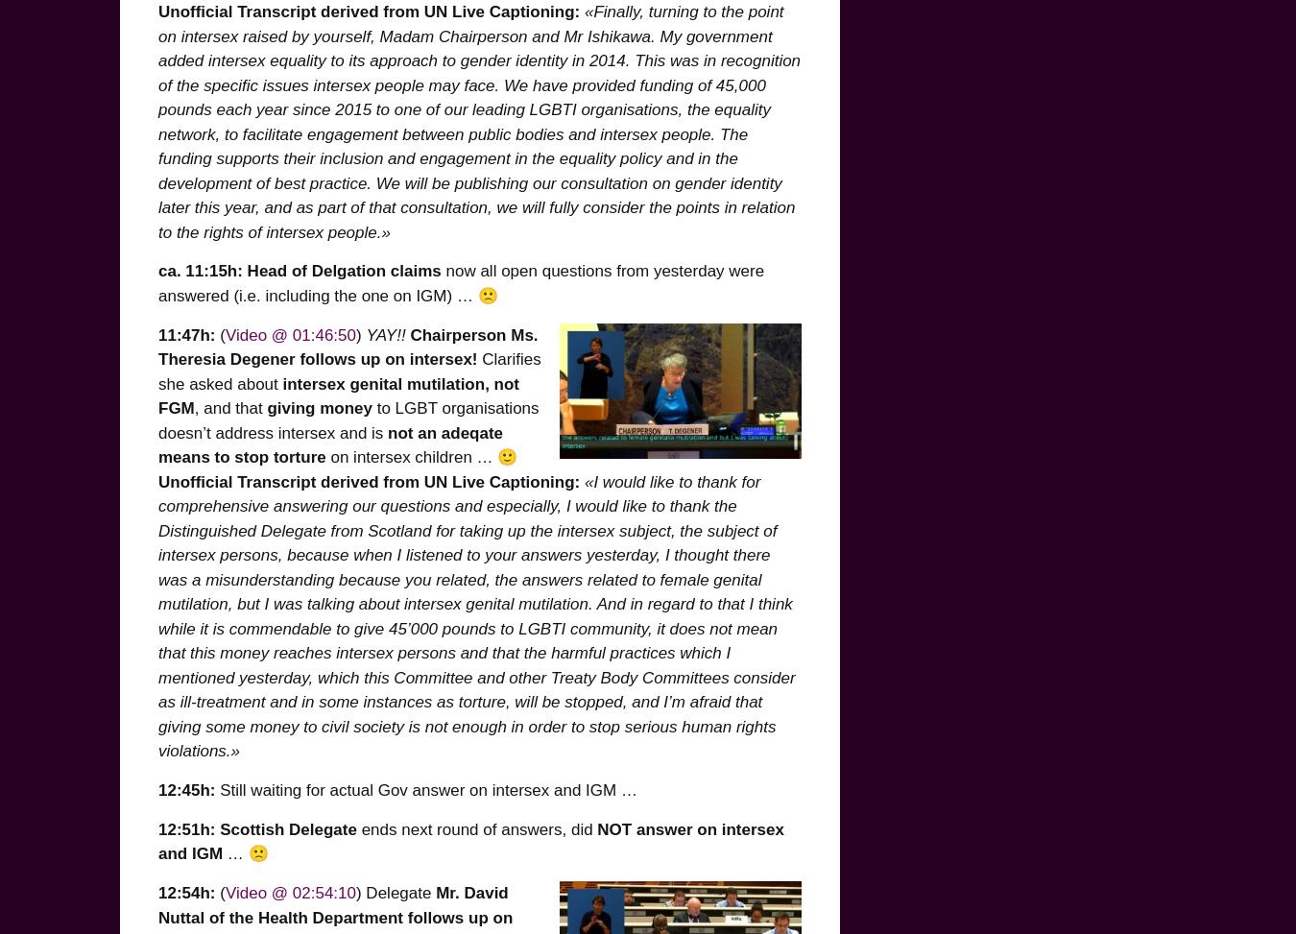  Describe the element at coordinates (339, 395) in the screenshot. I see `'intersex genital mutilation, not FGM'` at that location.